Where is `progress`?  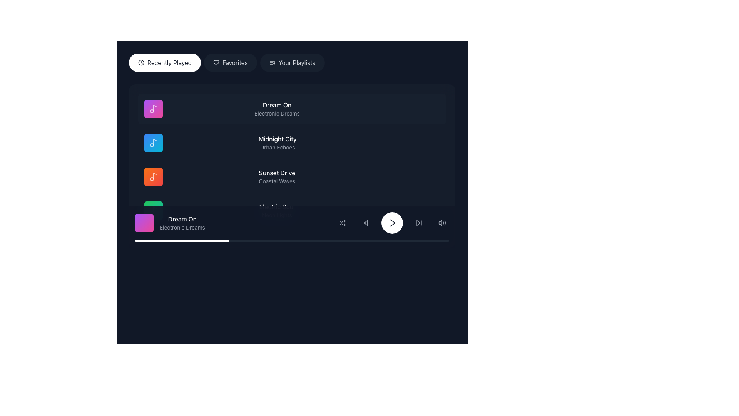
progress is located at coordinates (329, 240).